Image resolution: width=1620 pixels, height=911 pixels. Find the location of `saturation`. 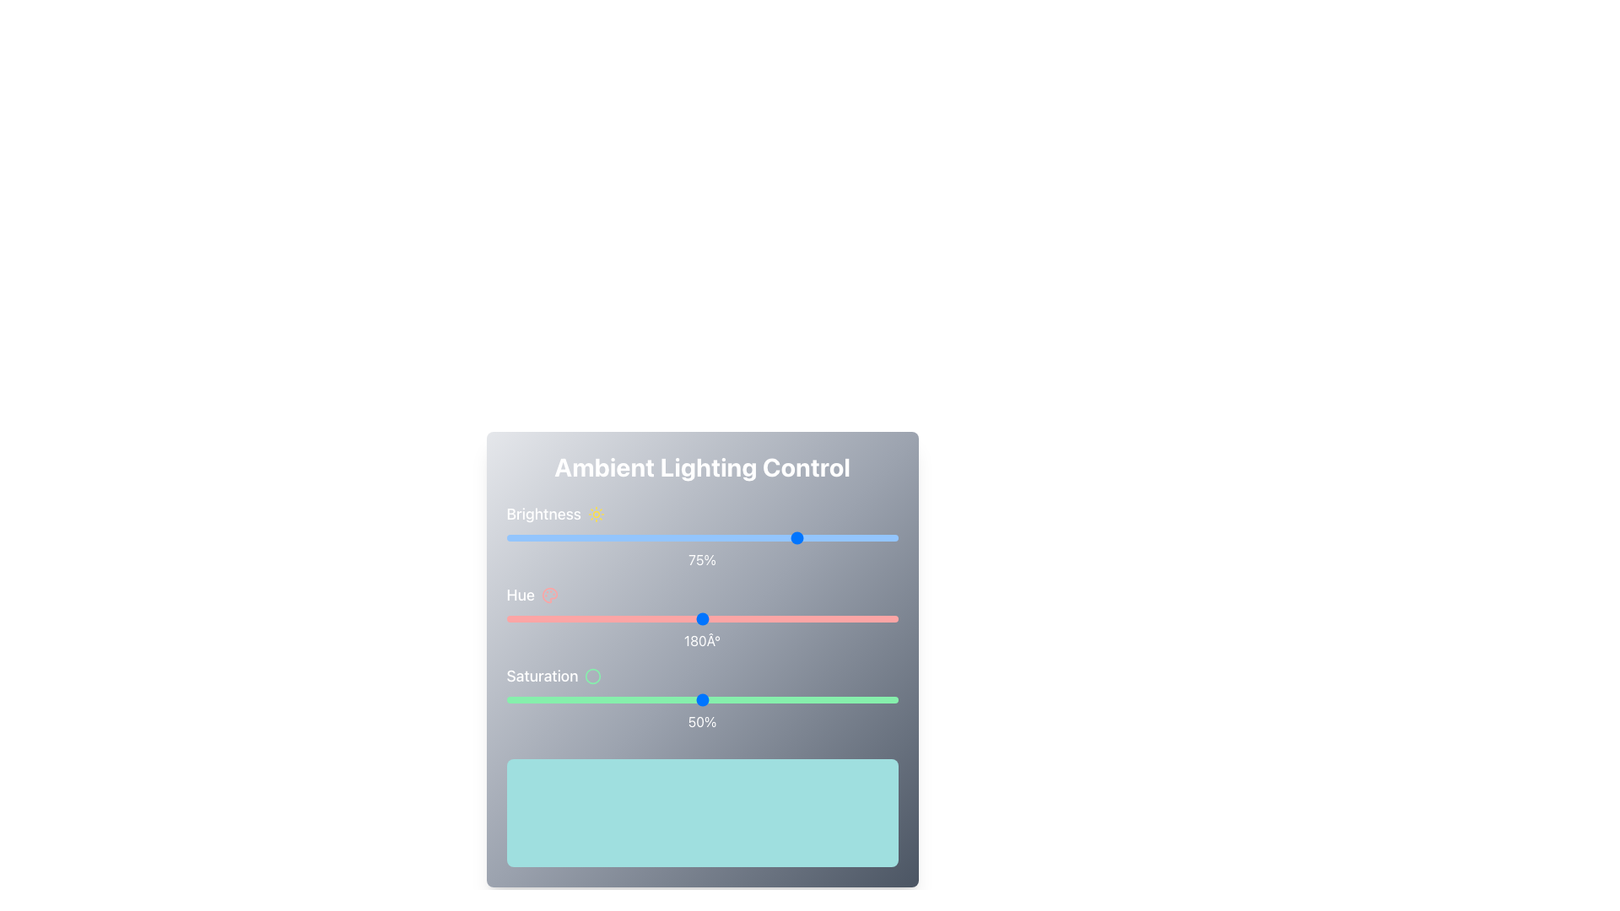

saturation is located at coordinates (748, 699).